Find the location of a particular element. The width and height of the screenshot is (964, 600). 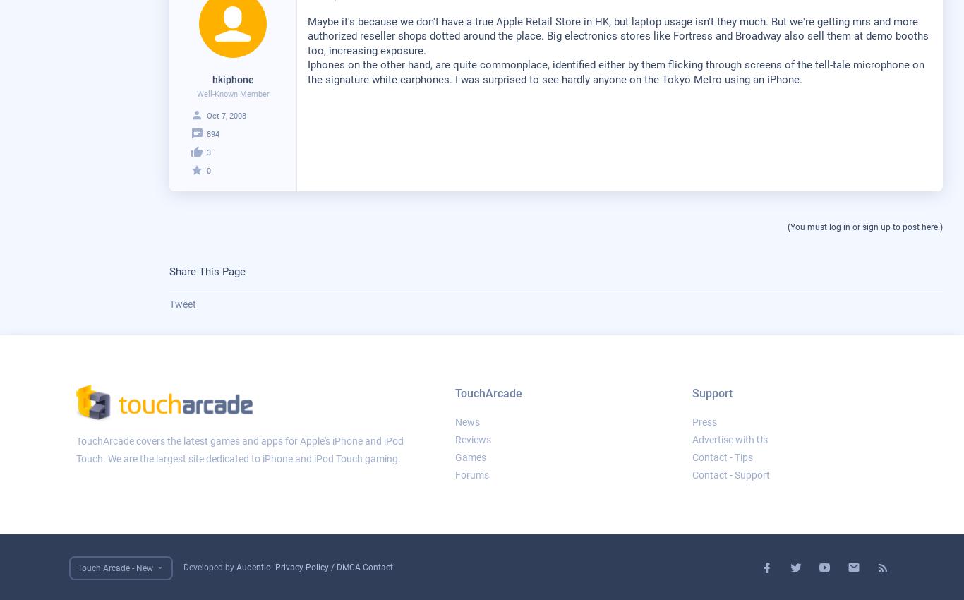

'0' is located at coordinates (207, 170).